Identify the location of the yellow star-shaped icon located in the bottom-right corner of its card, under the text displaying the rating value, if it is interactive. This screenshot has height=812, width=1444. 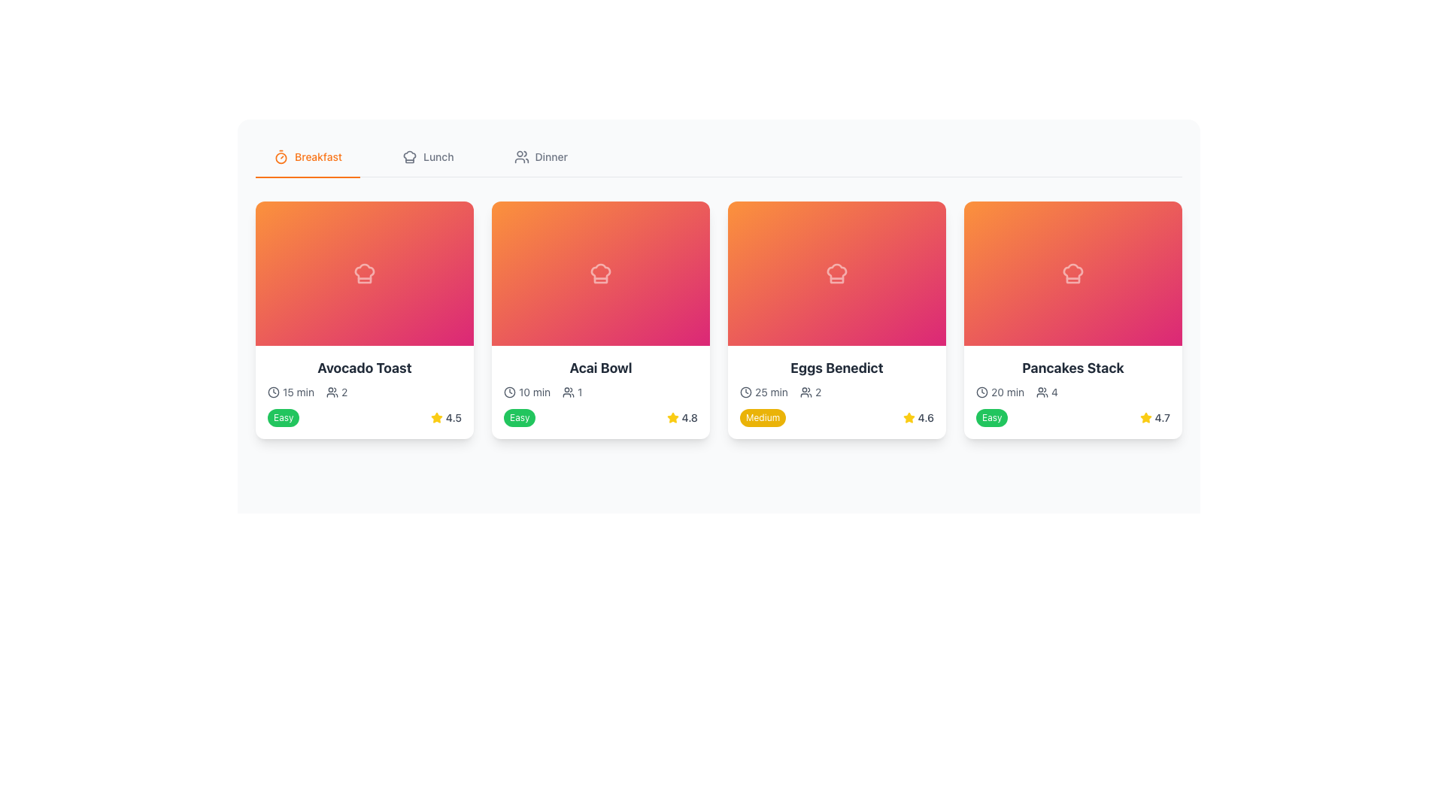
(908, 417).